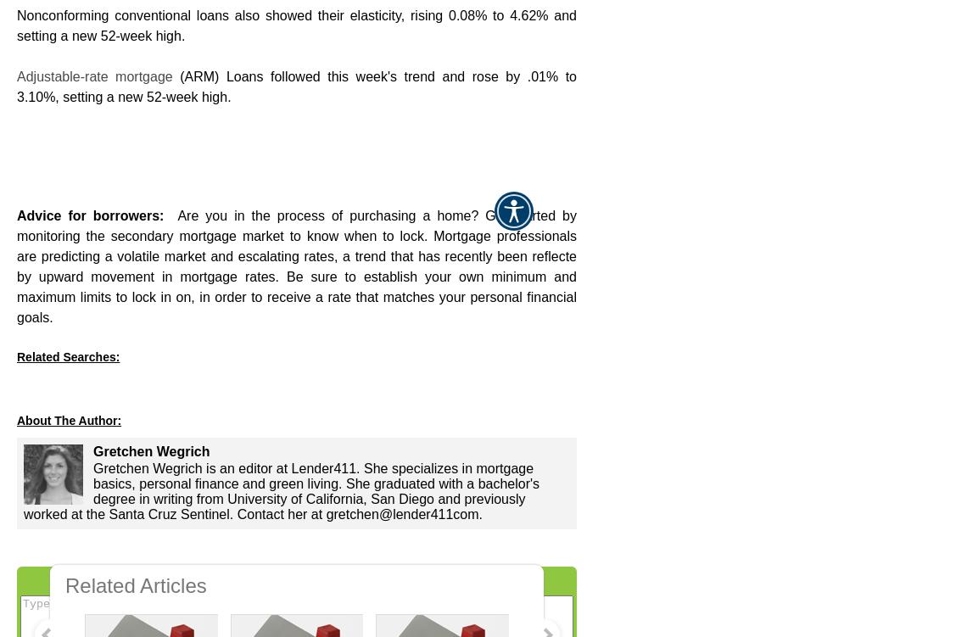  What do you see at coordinates (296, 86) in the screenshot?
I see `'(ARM) Loans followed this week's trend and rose by .01% to 3.10%, setting a new 52-week high.'` at bounding box center [296, 86].